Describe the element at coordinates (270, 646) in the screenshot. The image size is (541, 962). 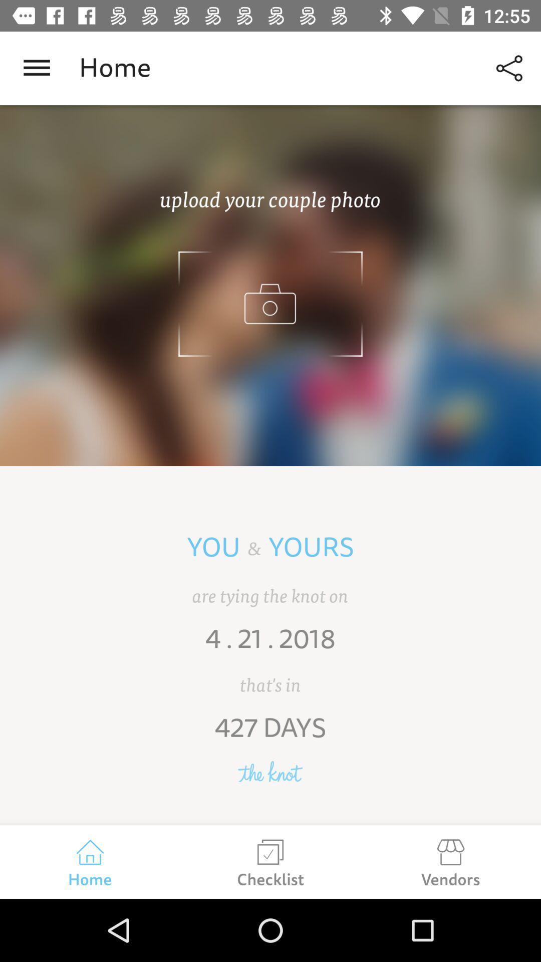
I see `4 . 21 . 2018 item` at that location.